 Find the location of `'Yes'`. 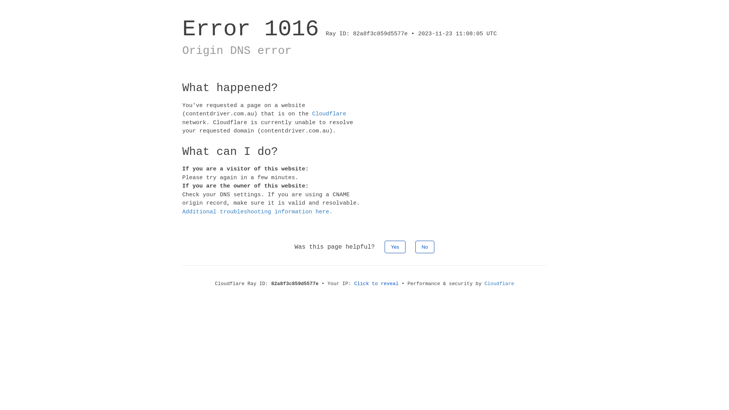

'Yes' is located at coordinates (395, 247).